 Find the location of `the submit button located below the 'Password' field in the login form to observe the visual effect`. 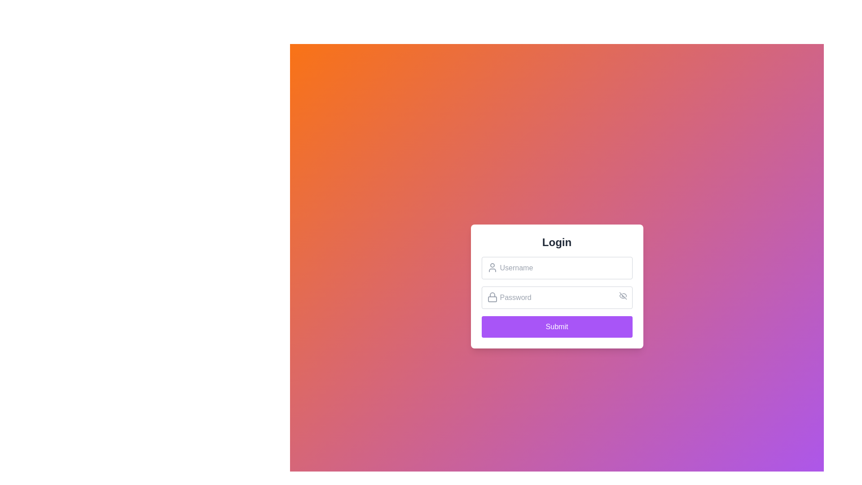

the submit button located below the 'Password' field in the login form to observe the visual effect is located at coordinates (556, 327).